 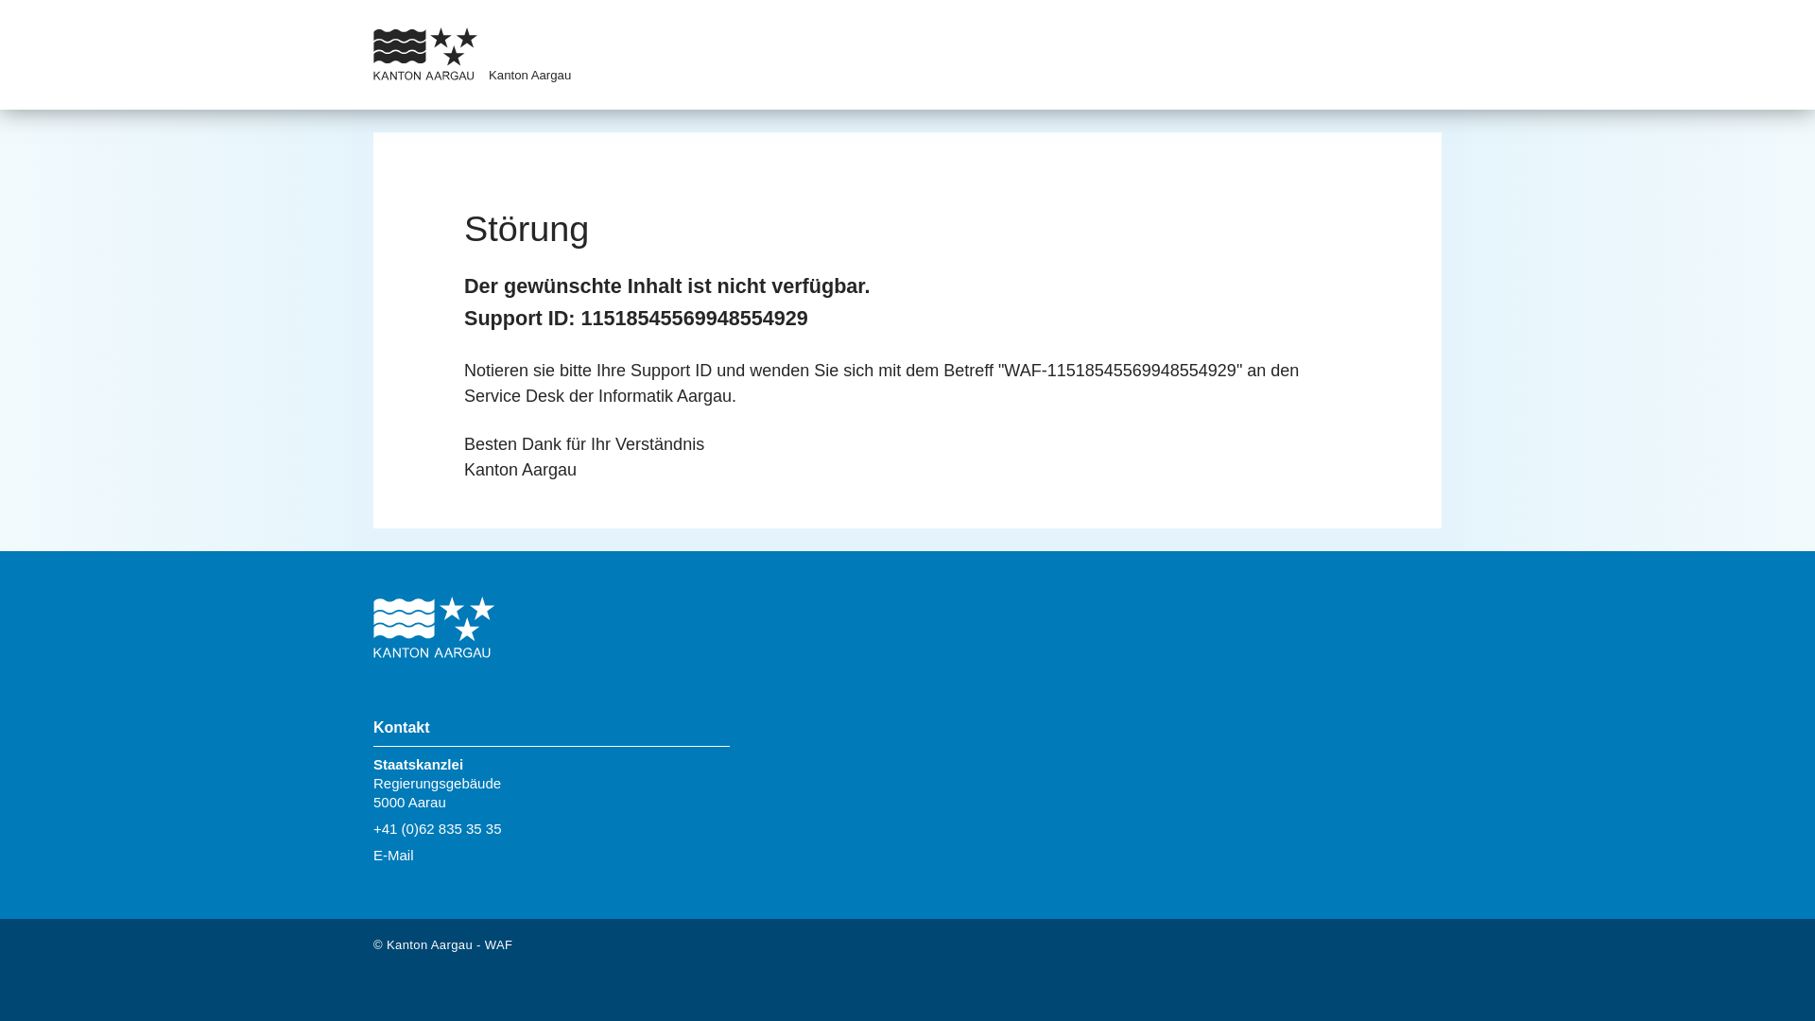 I want to click on 'Kanton Aargau Logo', so click(x=433, y=629).